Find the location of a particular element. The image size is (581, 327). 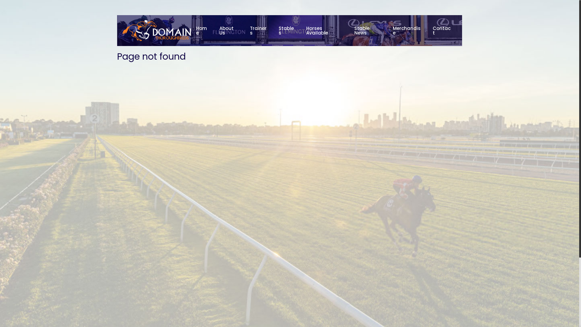

'Merchandise' is located at coordinates (408, 30).